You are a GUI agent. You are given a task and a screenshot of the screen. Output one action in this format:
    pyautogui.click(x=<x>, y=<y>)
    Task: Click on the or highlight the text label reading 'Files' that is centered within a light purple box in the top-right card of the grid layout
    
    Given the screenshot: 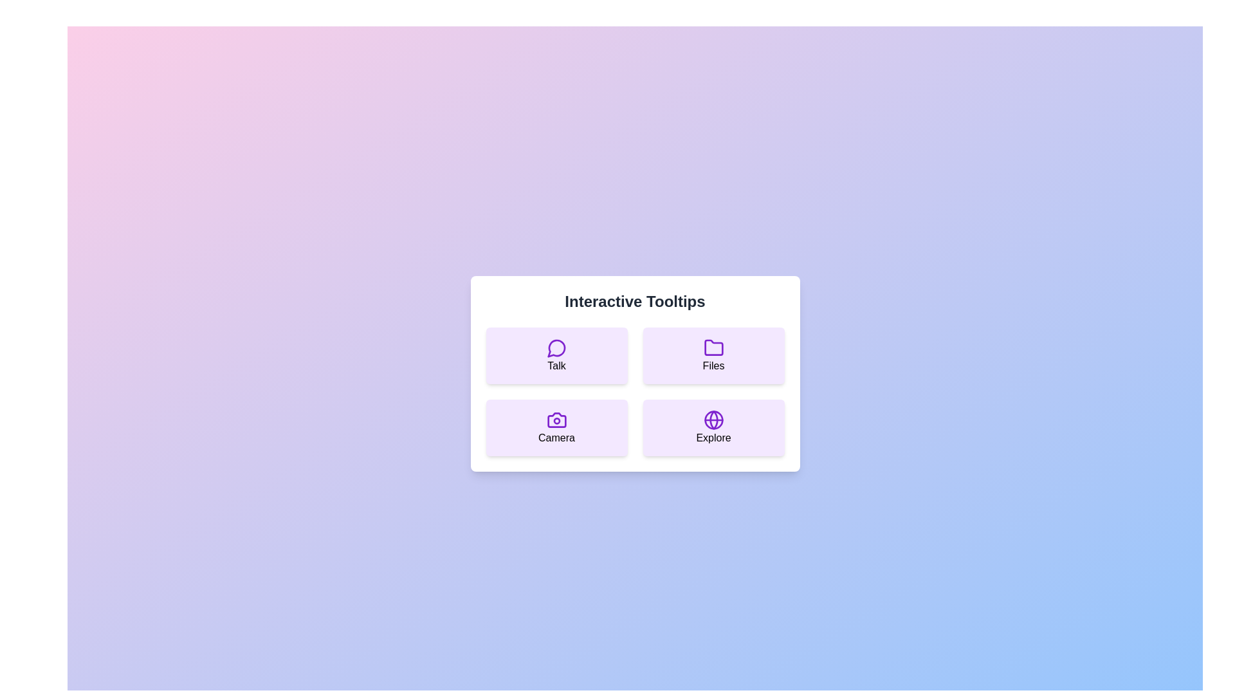 What is the action you would take?
    pyautogui.click(x=713, y=366)
    